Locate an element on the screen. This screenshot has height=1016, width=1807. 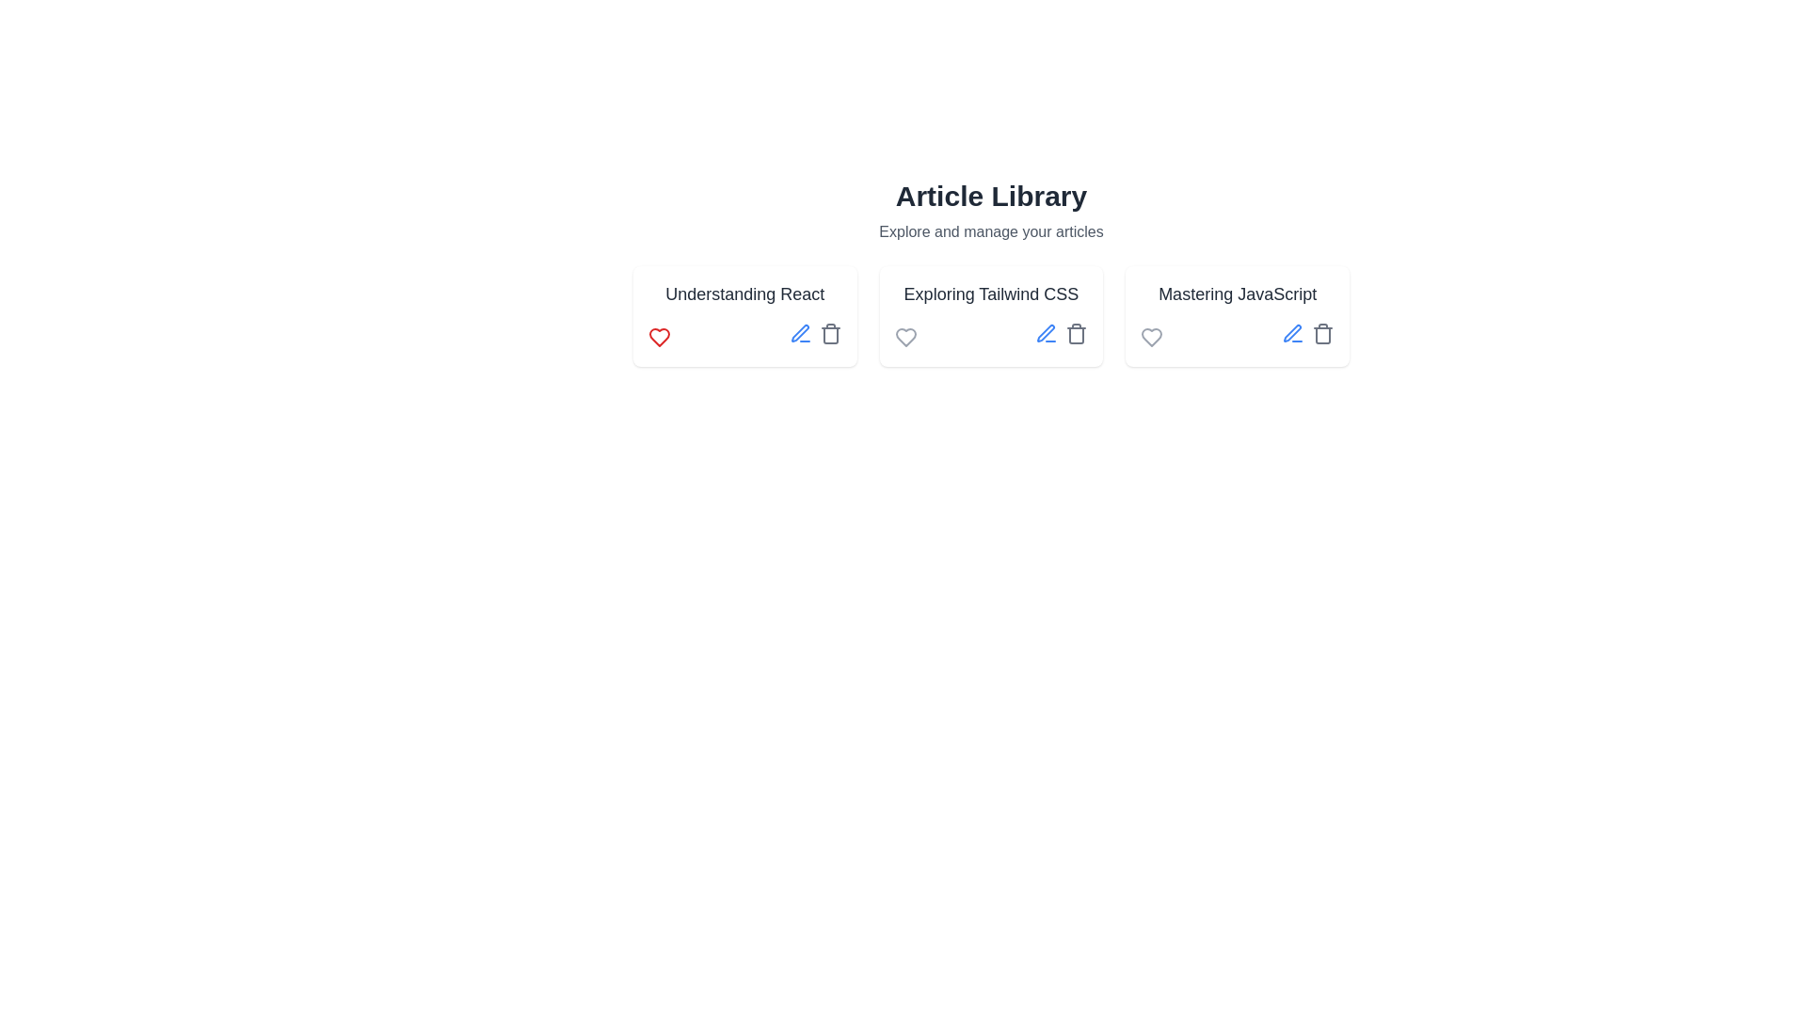
the Icon button for editing the 'Exploring Tailwind CSS' article, which is located to the right of the heart icon and to the left of the trash bin icon is located at coordinates (1046, 332).